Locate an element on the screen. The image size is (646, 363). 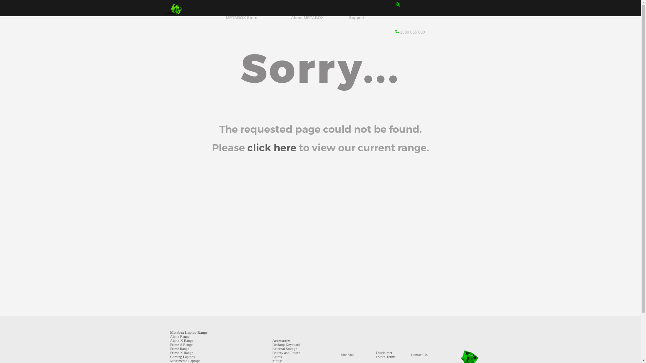
'METABOX Store' is located at coordinates (242, 17).